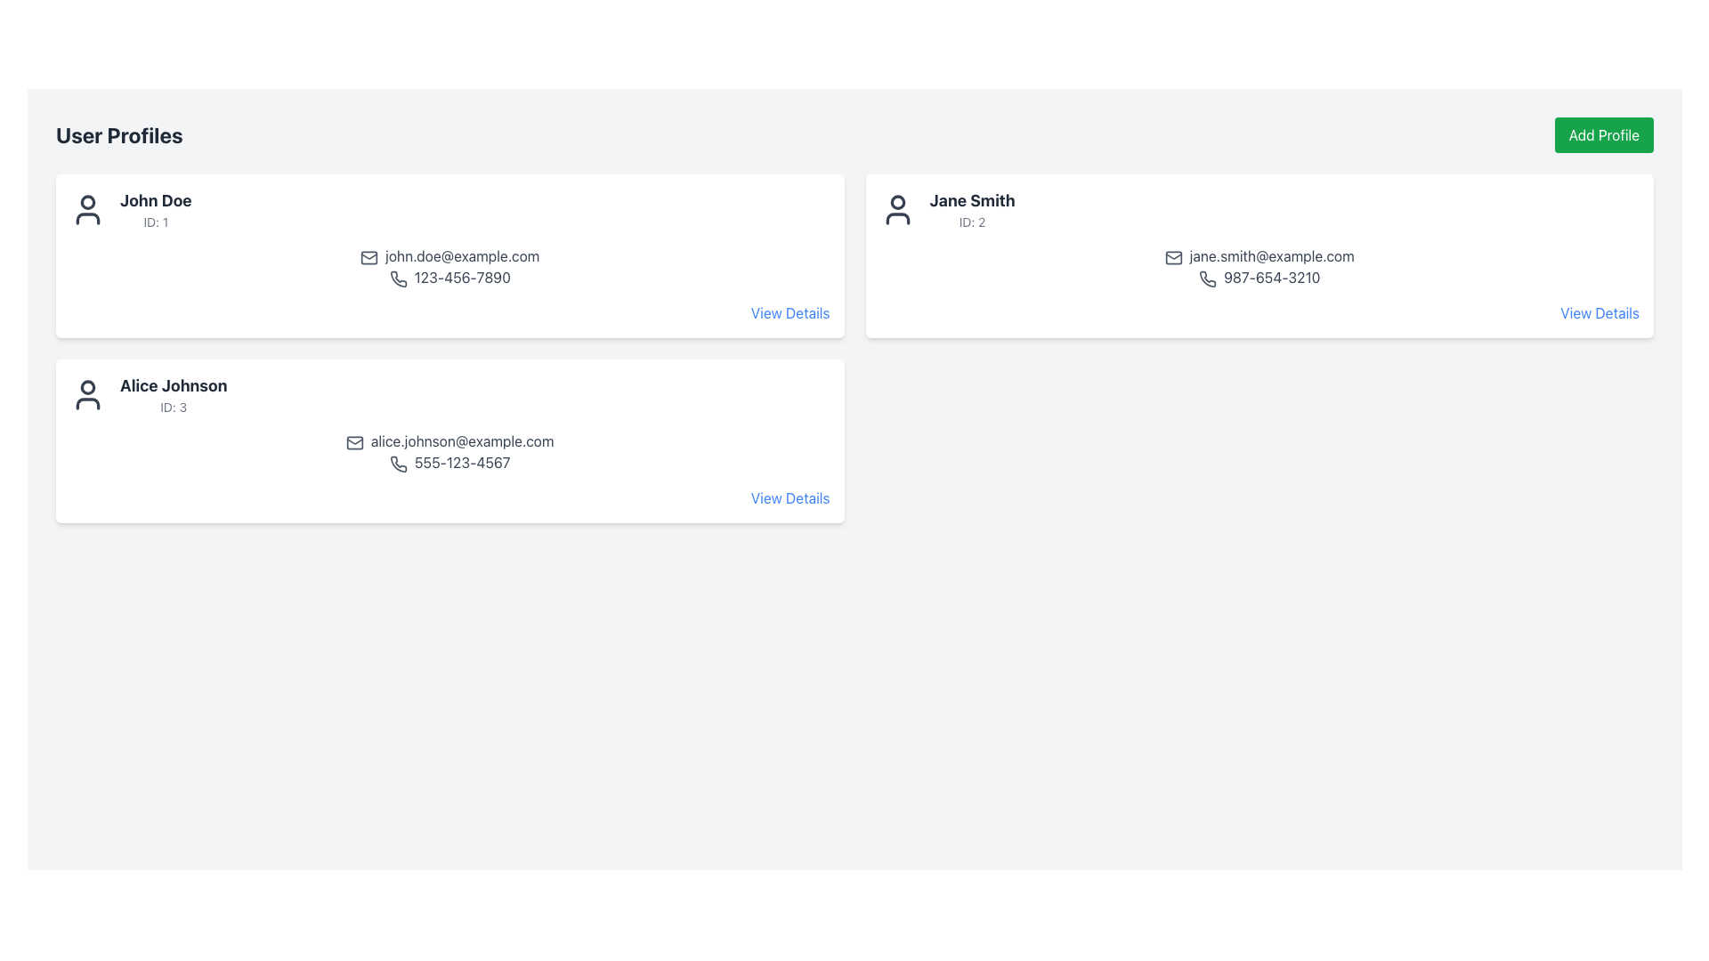 This screenshot has width=1709, height=961. I want to click on the static text element reading 'ID: 2' located beneath the name 'Jane Smith' in the user profile card, so click(971, 222).